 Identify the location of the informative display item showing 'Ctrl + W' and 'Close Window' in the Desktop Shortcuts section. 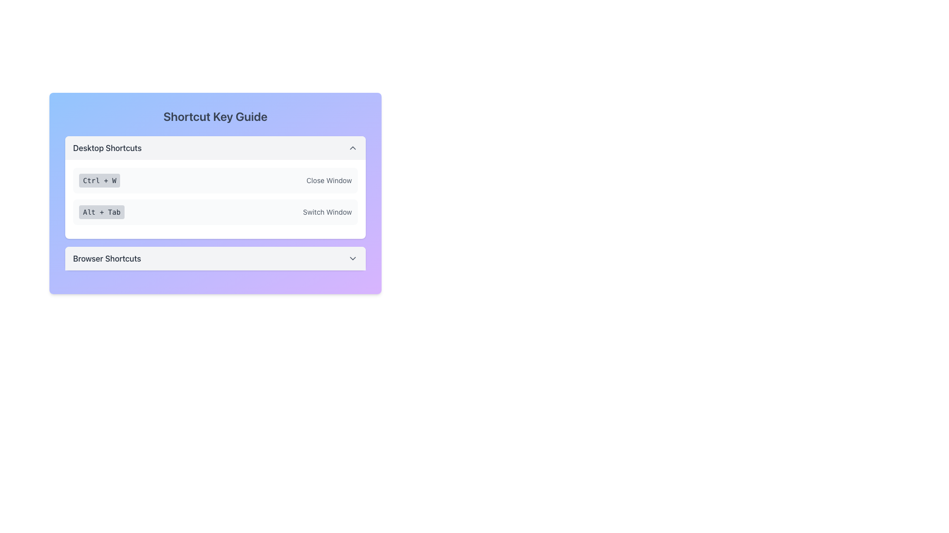
(215, 181).